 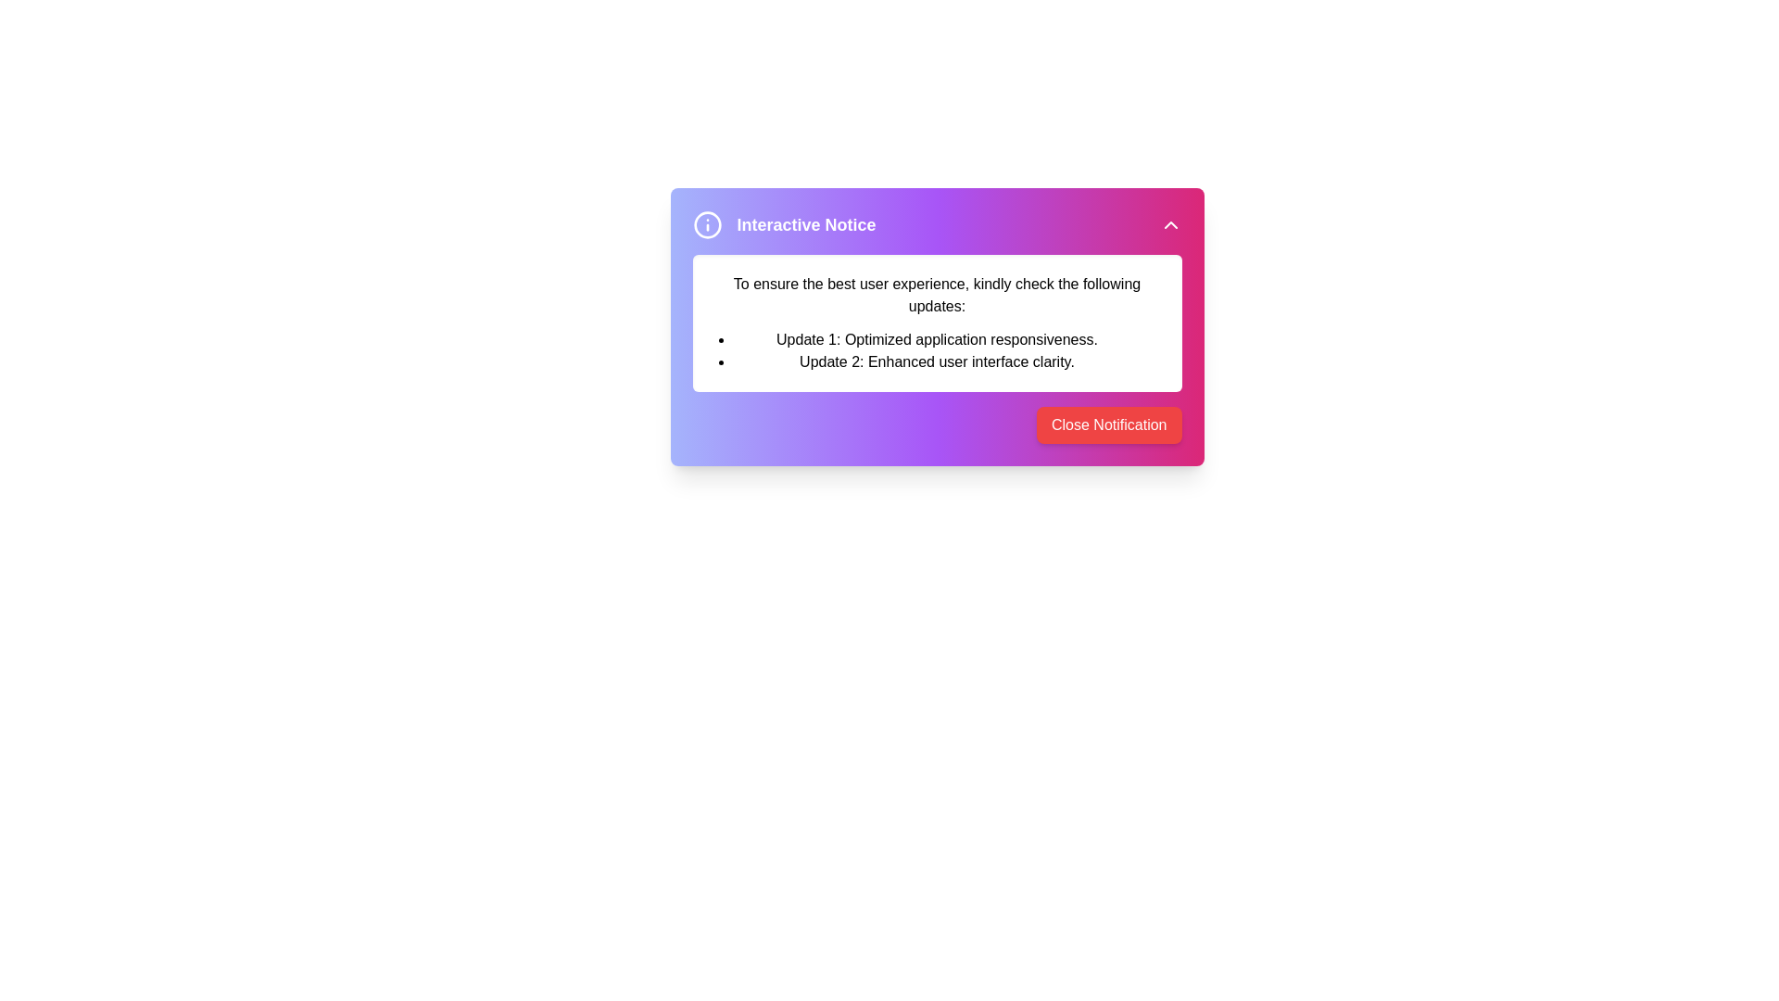 I want to click on arrow button at the top-right corner of the alert box to toggle the visibility of the alert details, so click(x=1169, y=224).